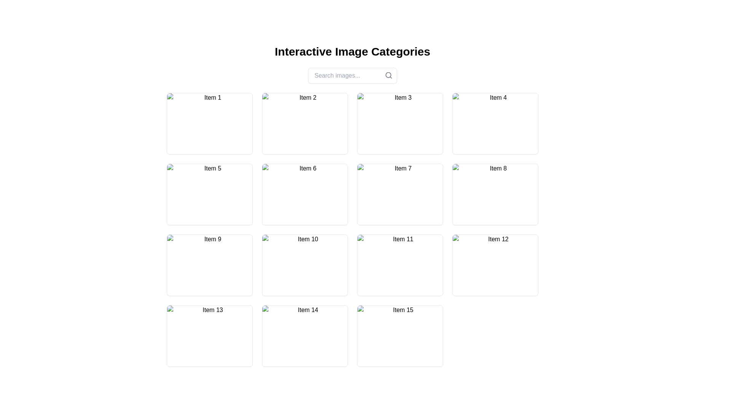 The image size is (731, 411). Describe the element at coordinates (389, 75) in the screenshot. I see `the search icon located inside the search bar at the top-center of the interface, positioned to the right of the placeholder text 'Search images...', to initiate a search action` at that location.